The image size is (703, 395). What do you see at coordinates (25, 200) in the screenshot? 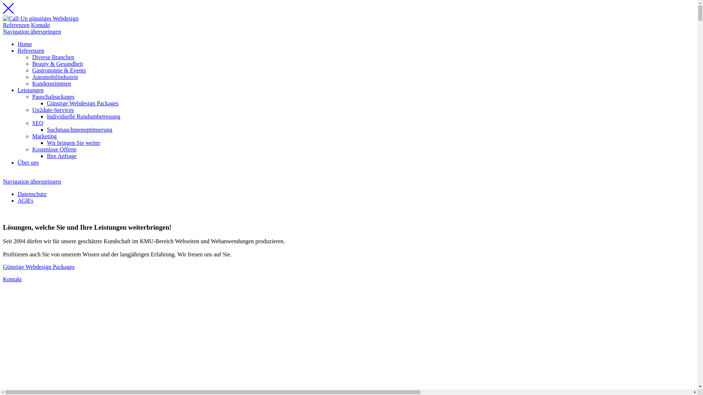
I see `'AGB's'` at bounding box center [25, 200].